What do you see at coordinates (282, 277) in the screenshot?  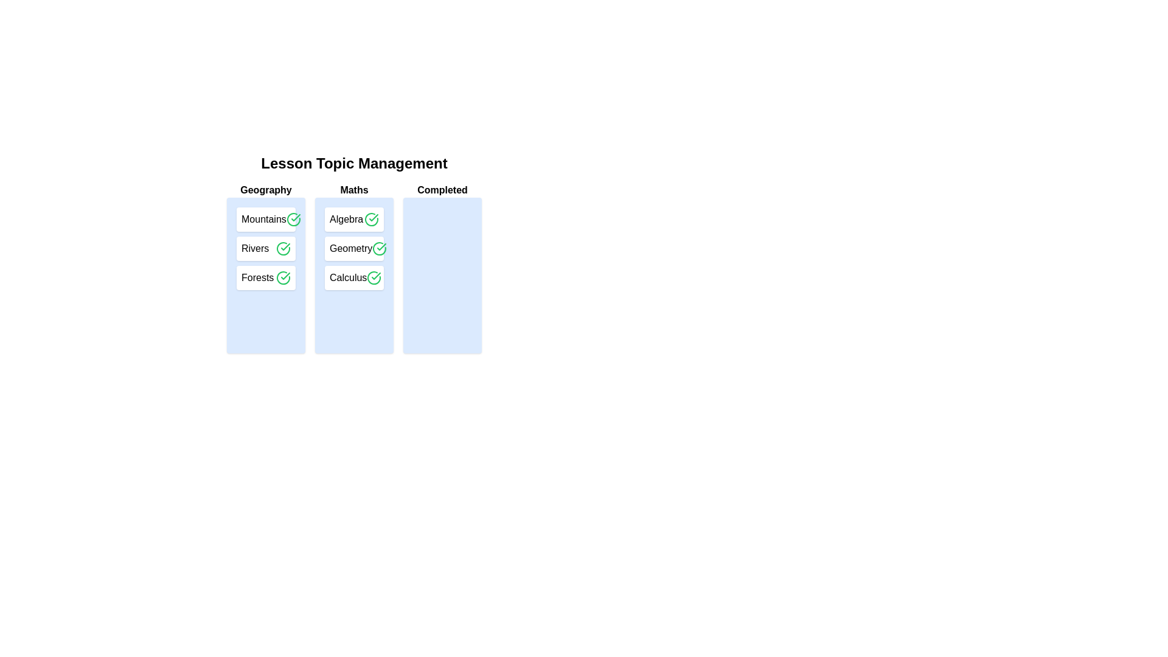 I see `checkmark button next to the topic Forests to transfer it to the 'Completed' list` at bounding box center [282, 277].